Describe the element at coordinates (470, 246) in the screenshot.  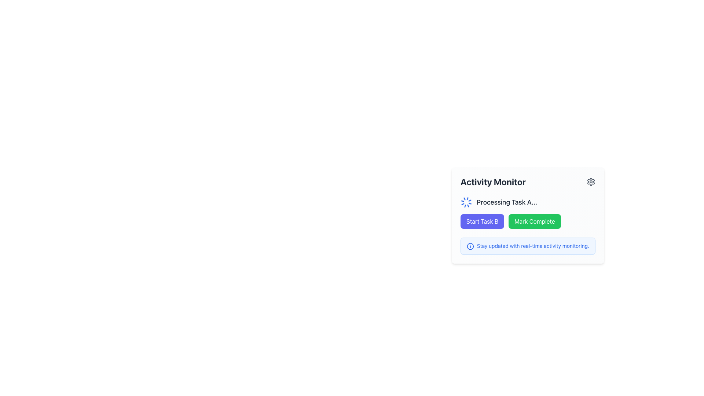
I see `the blue outlined circle icon with an information symbol that is located to the left of the text 'Stay updated with real-time activity monitoring' in the notification box at the bottom of the 'Activity Monitor' section` at that location.